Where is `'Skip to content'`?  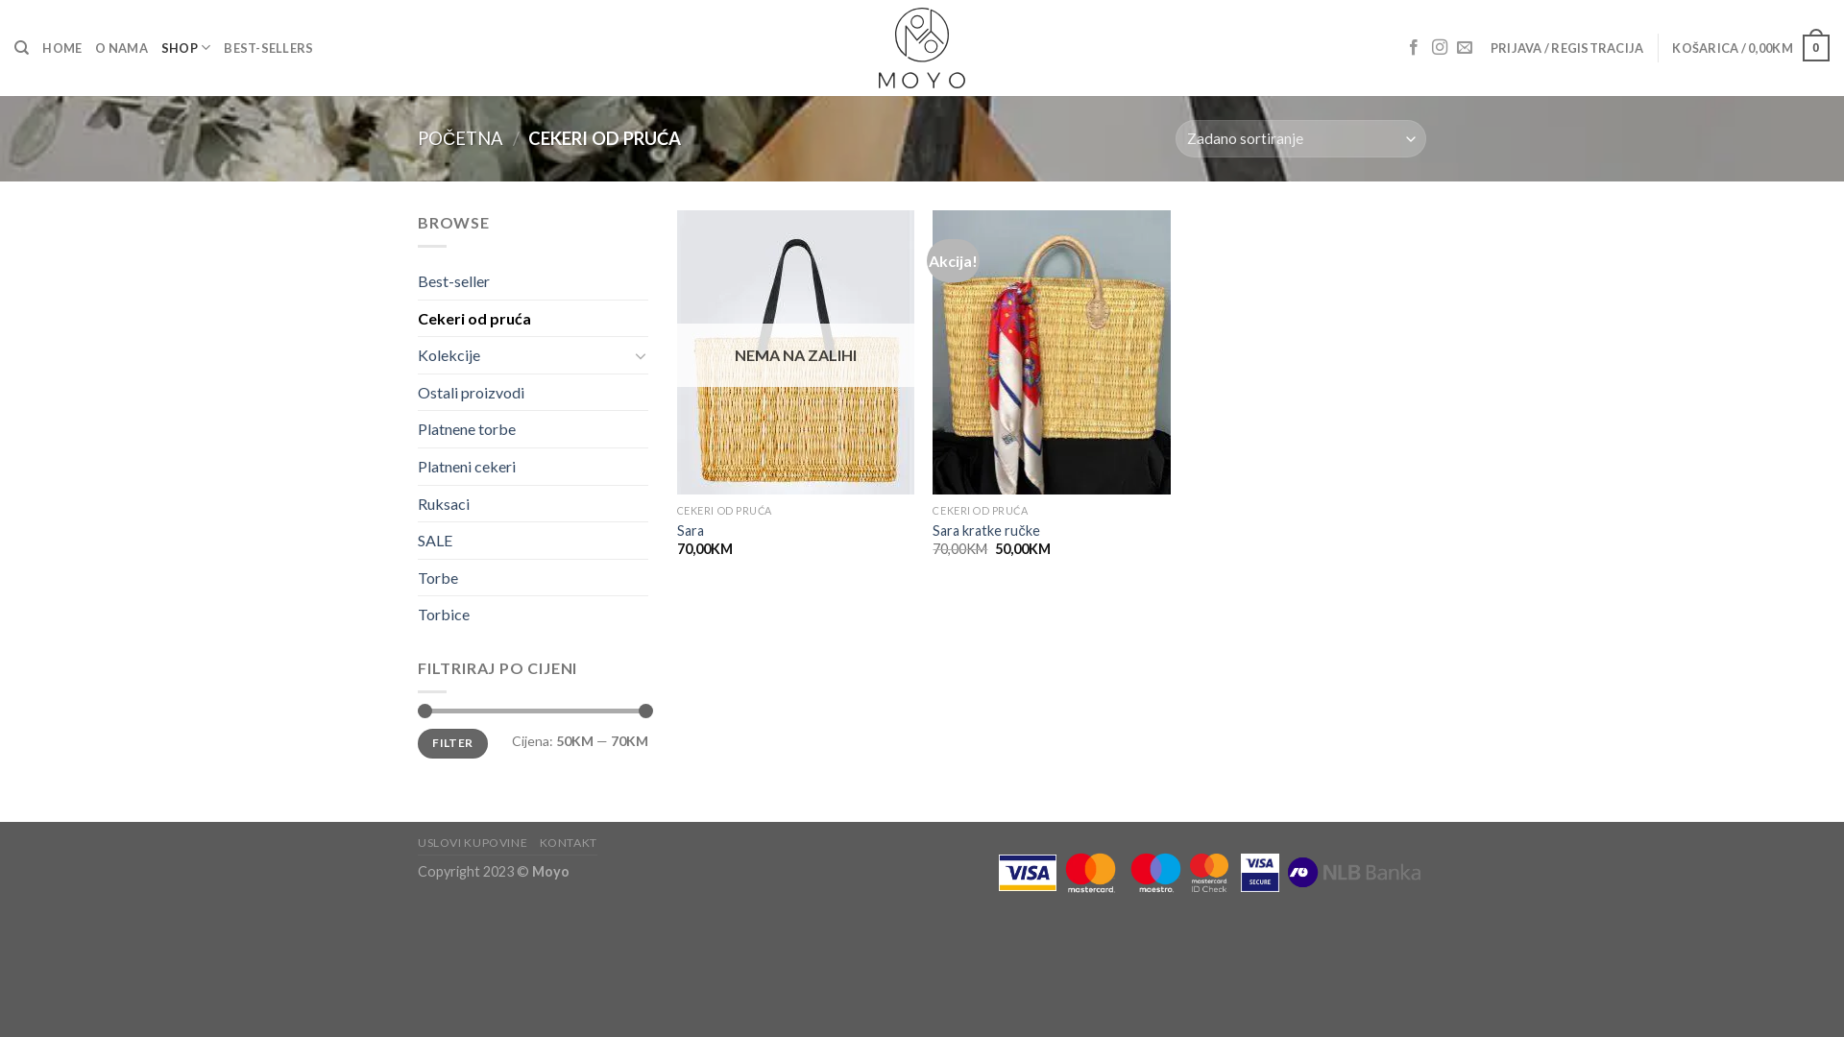 'Skip to content' is located at coordinates (0, 0).